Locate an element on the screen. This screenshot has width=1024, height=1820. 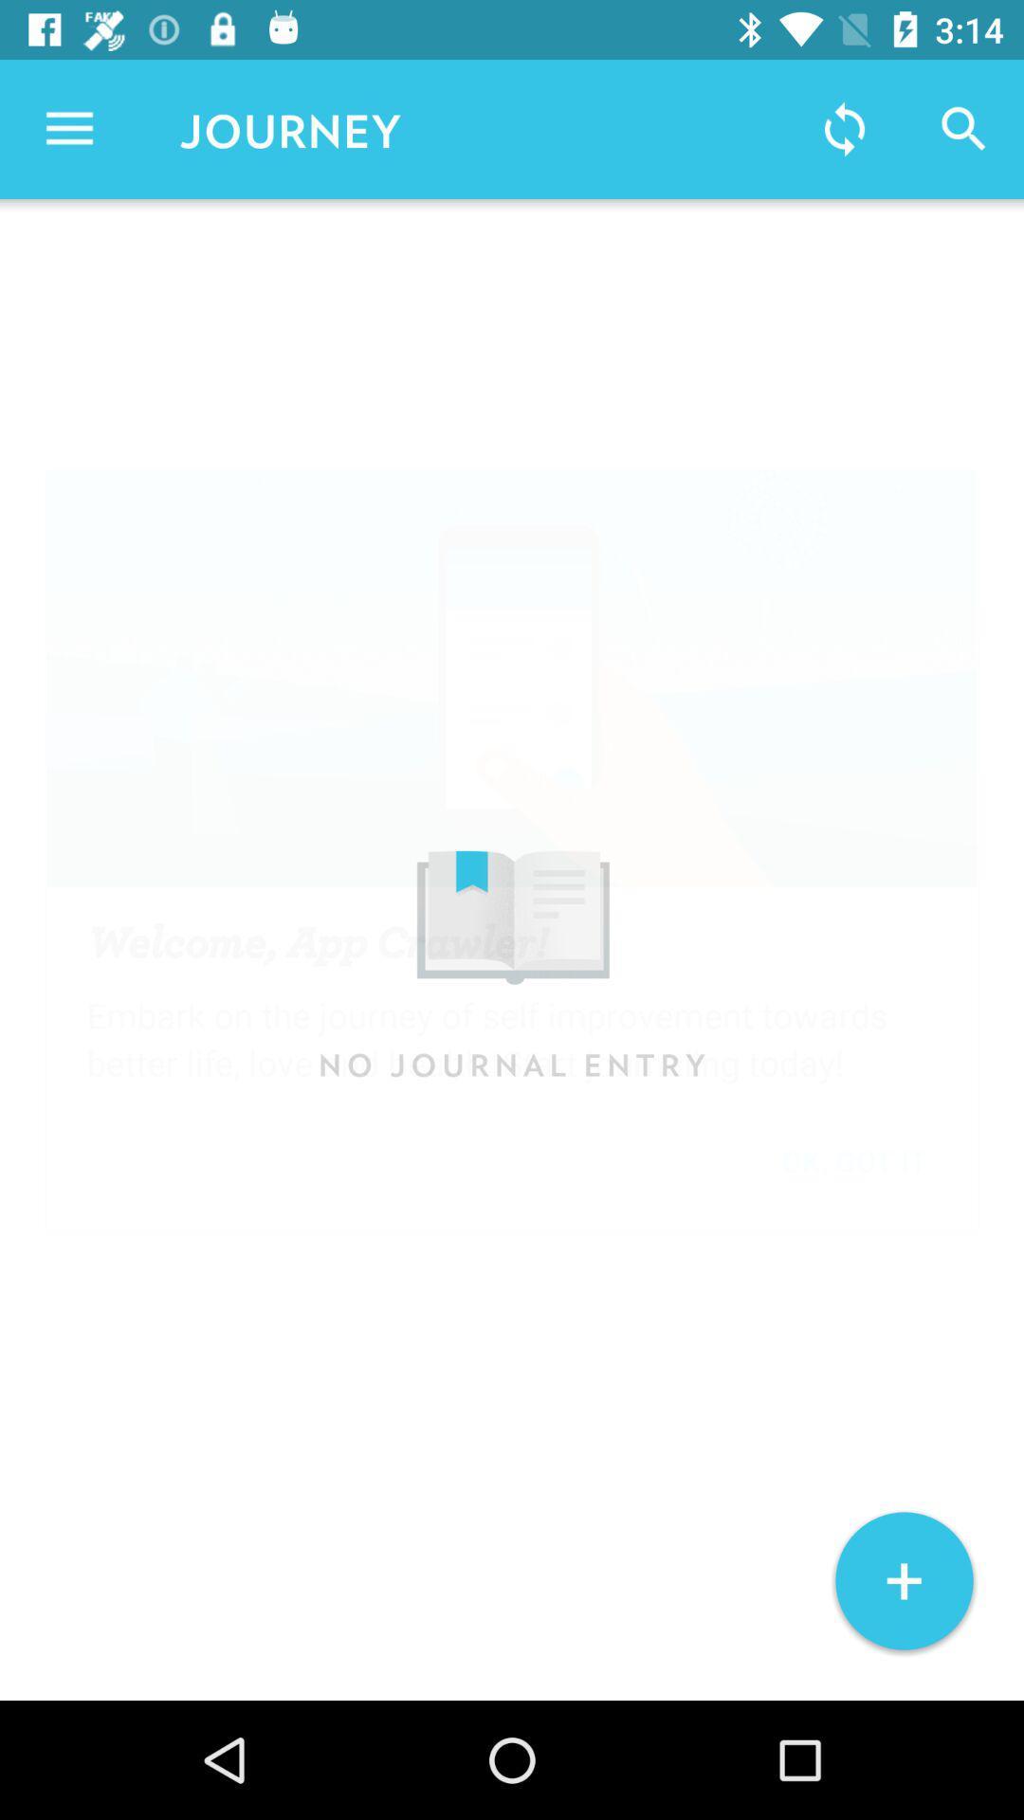
the item next to the journey is located at coordinates (844, 128).